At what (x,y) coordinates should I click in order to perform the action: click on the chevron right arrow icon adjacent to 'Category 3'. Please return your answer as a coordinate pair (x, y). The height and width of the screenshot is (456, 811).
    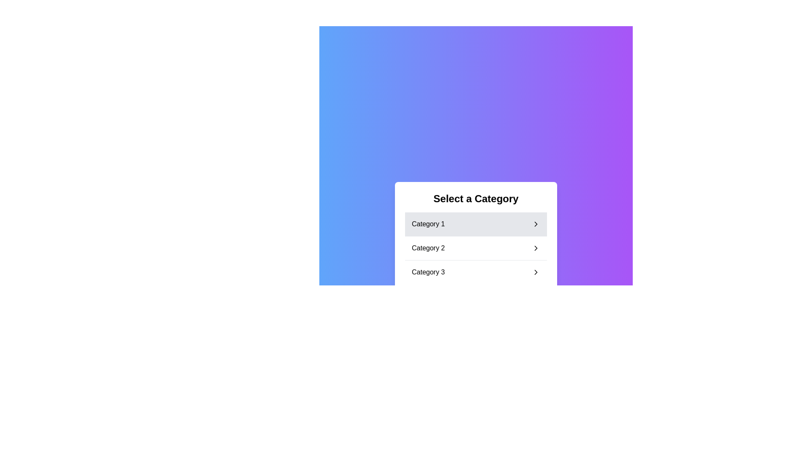
    Looking at the image, I should click on (535, 272).